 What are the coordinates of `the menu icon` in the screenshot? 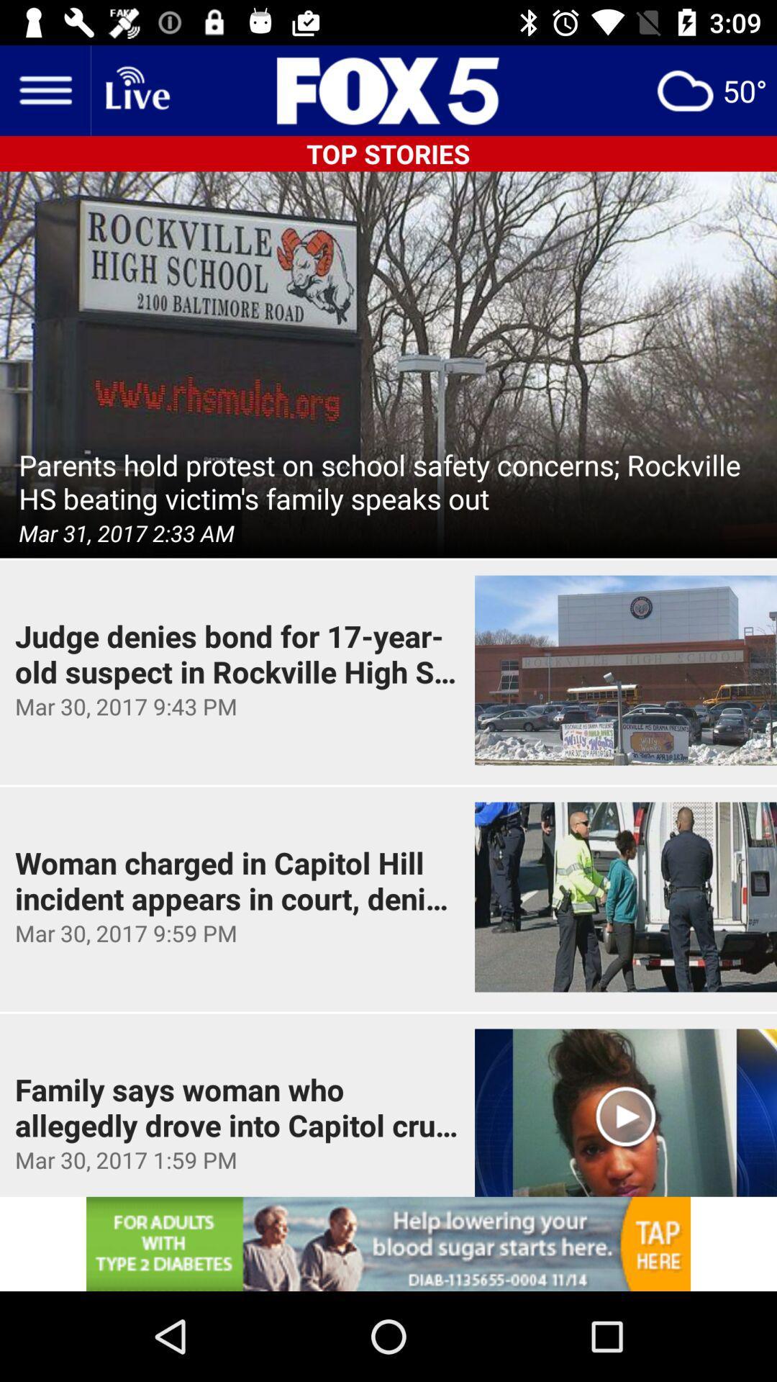 It's located at (44, 89).